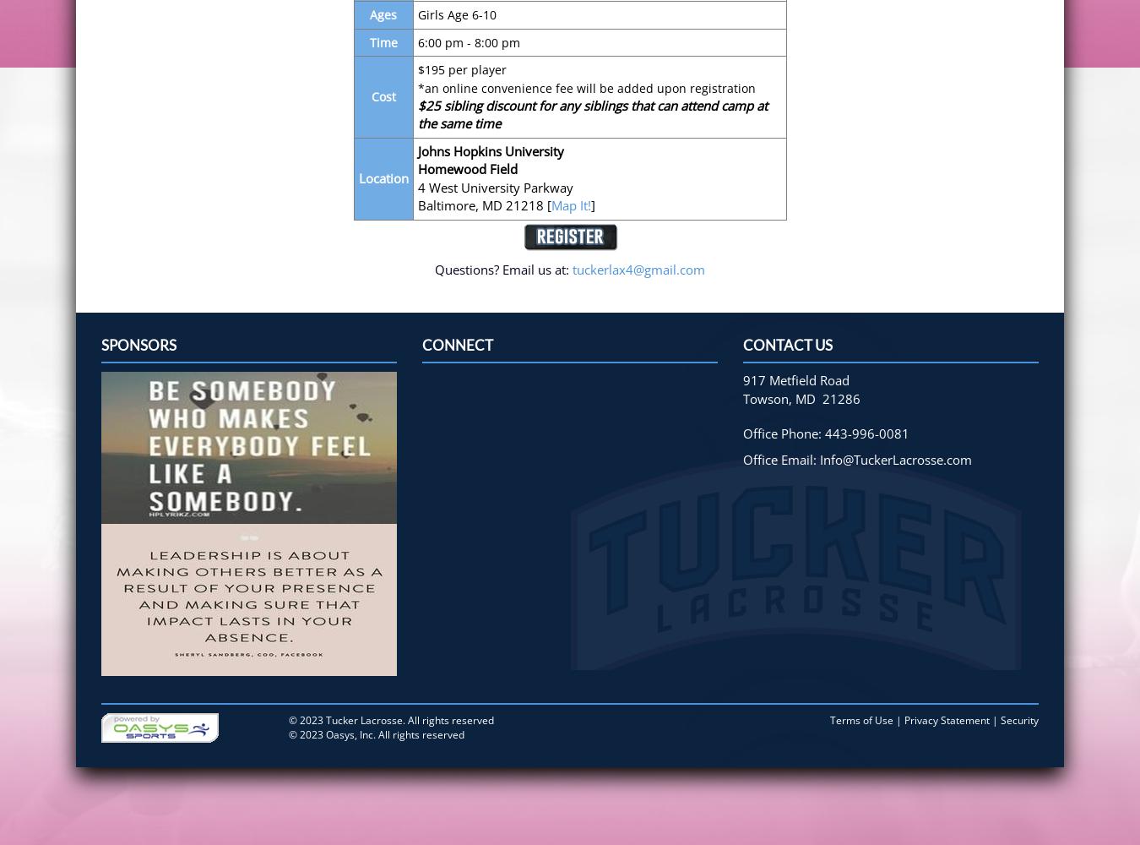 The height and width of the screenshot is (845, 1140). What do you see at coordinates (638, 268) in the screenshot?
I see `'tuckerlax4@gmail.com'` at bounding box center [638, 268].